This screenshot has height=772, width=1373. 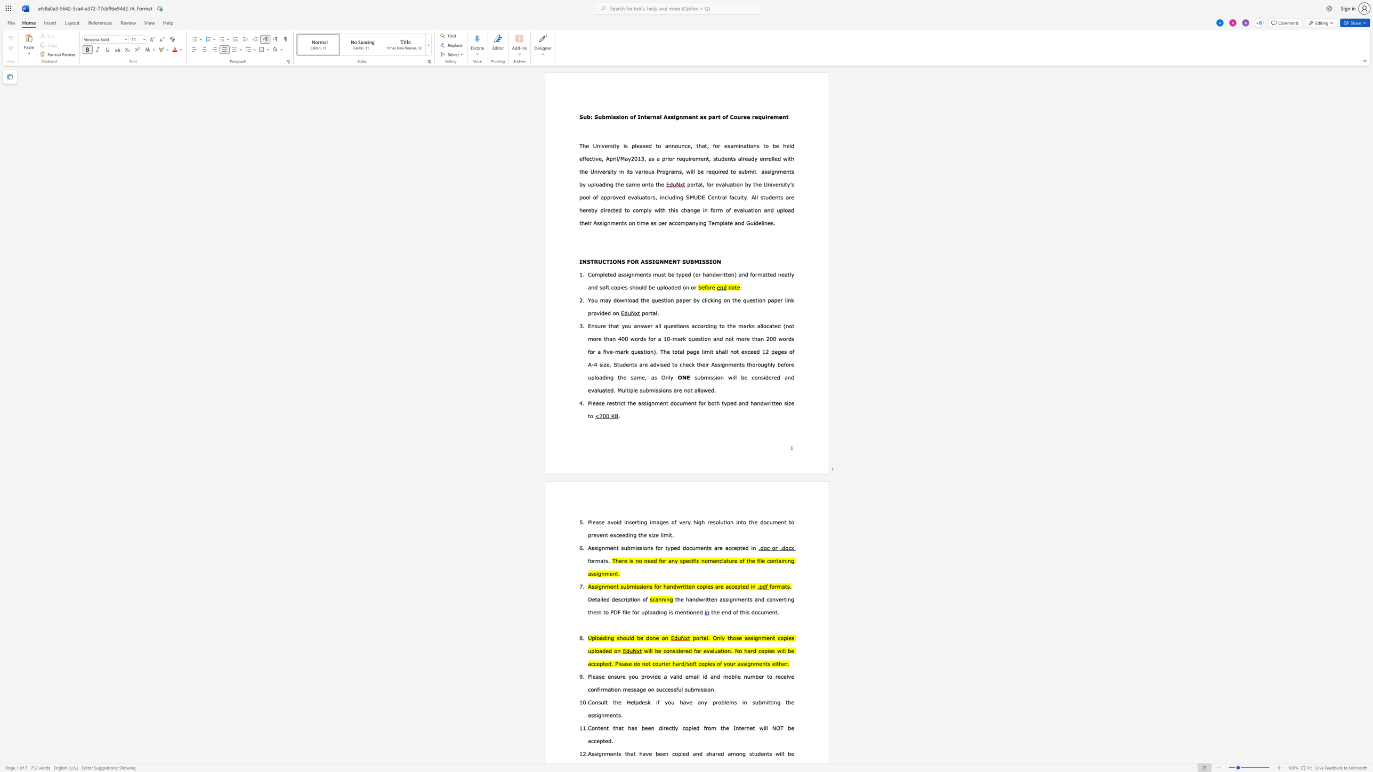 What do you see at coordinates (610, 145) in the screenshot?
I see `the space between the continuous character "r" and "s" in the text` at bounding box center [610, 145].